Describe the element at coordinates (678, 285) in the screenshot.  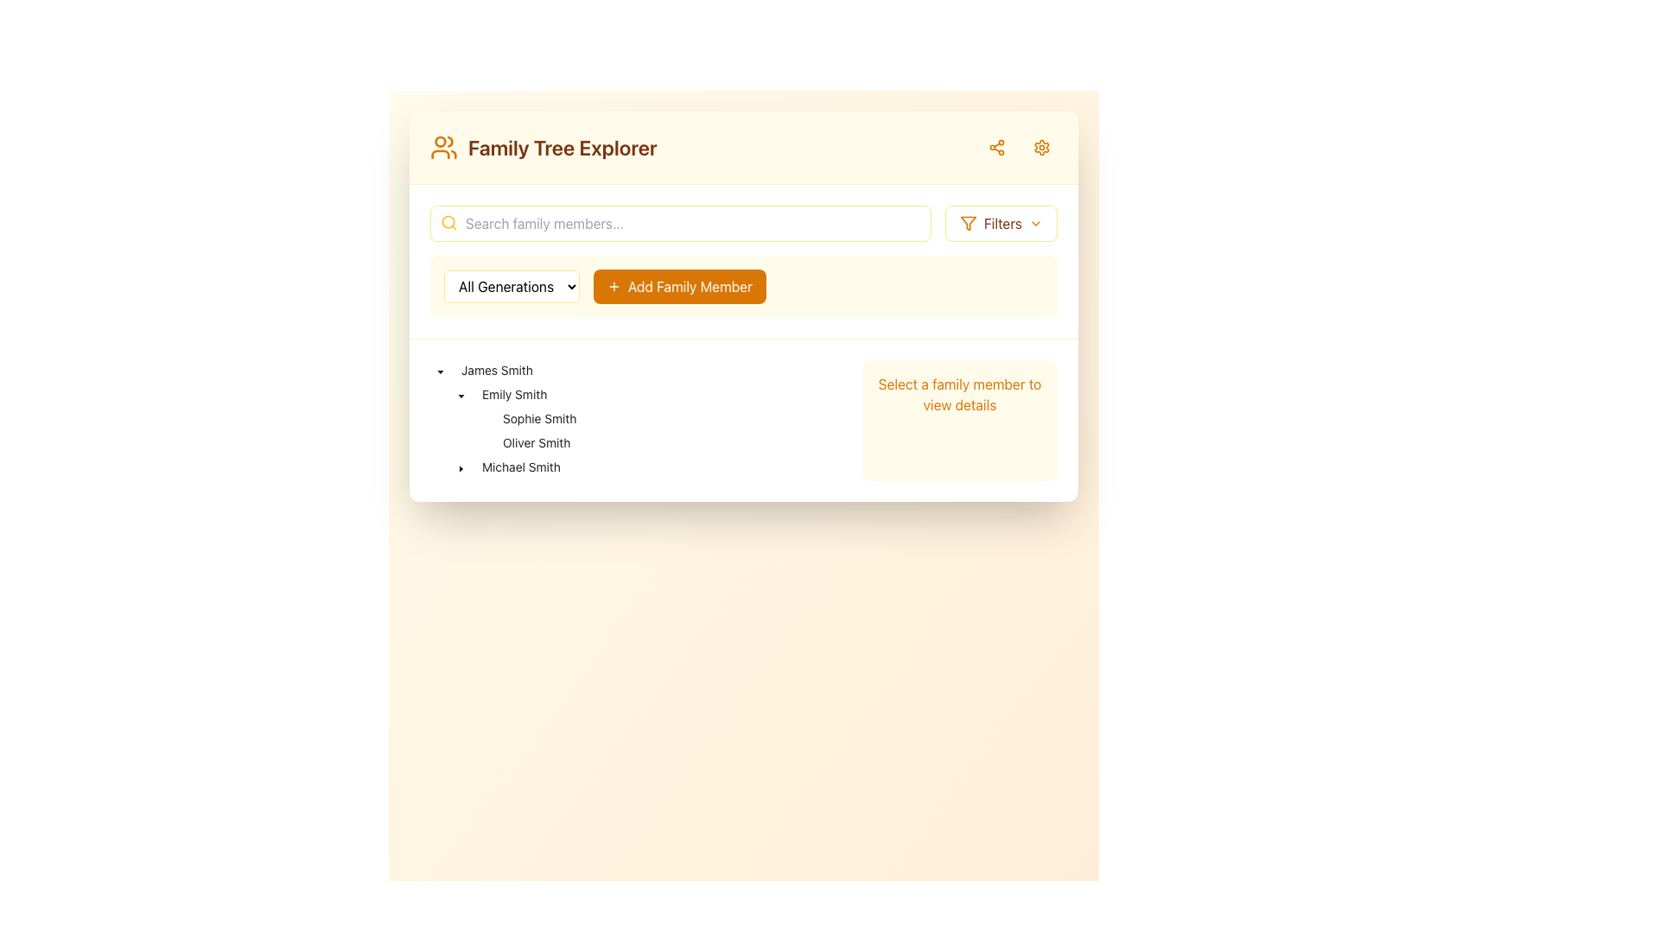
I see `the button located to the right of the 'All Generations' dropdown within the light amber box to initiate the process of adding a family member` at that location.